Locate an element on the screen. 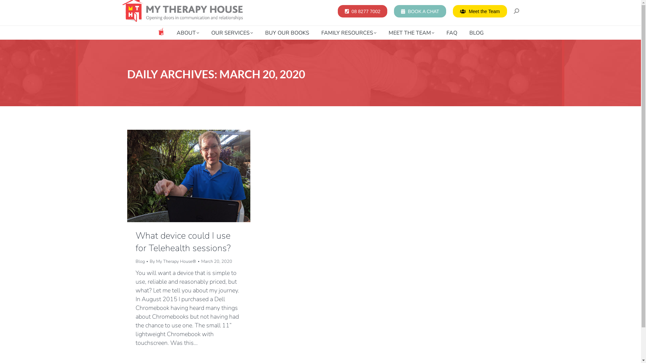  'Go!' is located at coordinates (10, 7).